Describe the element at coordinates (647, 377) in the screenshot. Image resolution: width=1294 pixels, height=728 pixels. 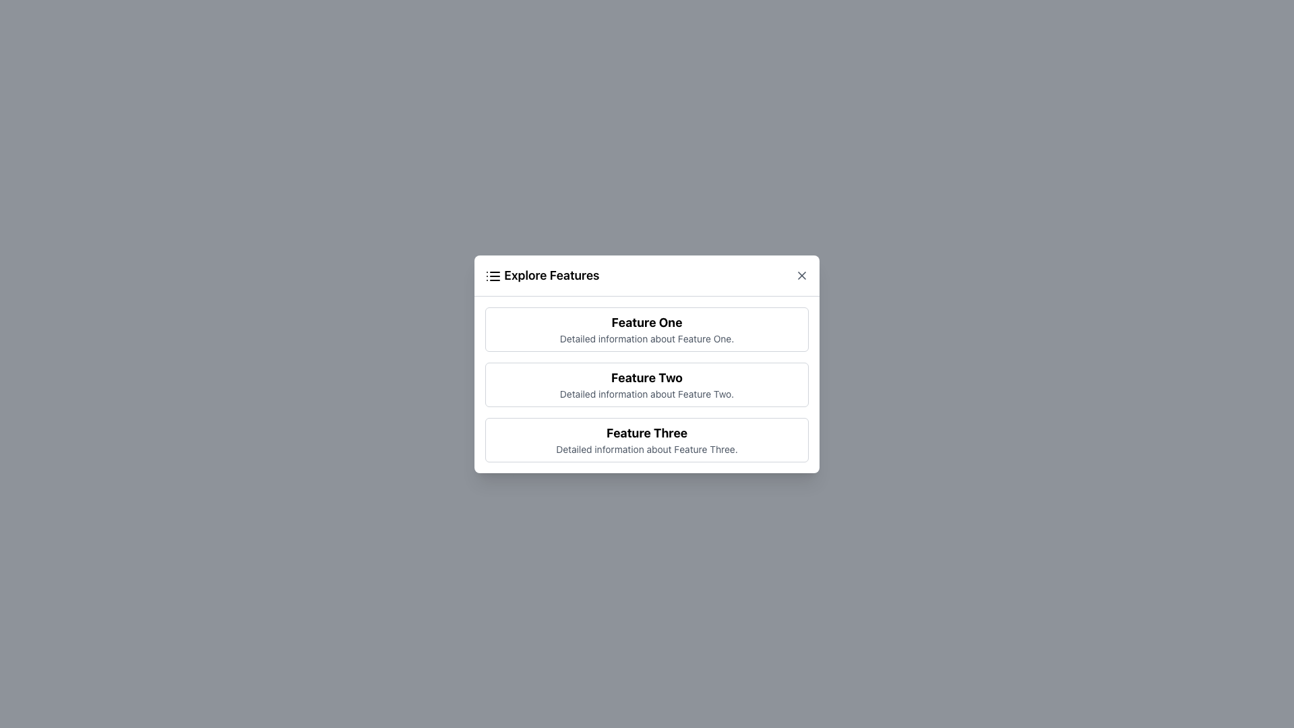
I see `the text label displaying 'Feature Two' which is prominently bold and large, located at the top of the second box in the vertical list of features` at that location.